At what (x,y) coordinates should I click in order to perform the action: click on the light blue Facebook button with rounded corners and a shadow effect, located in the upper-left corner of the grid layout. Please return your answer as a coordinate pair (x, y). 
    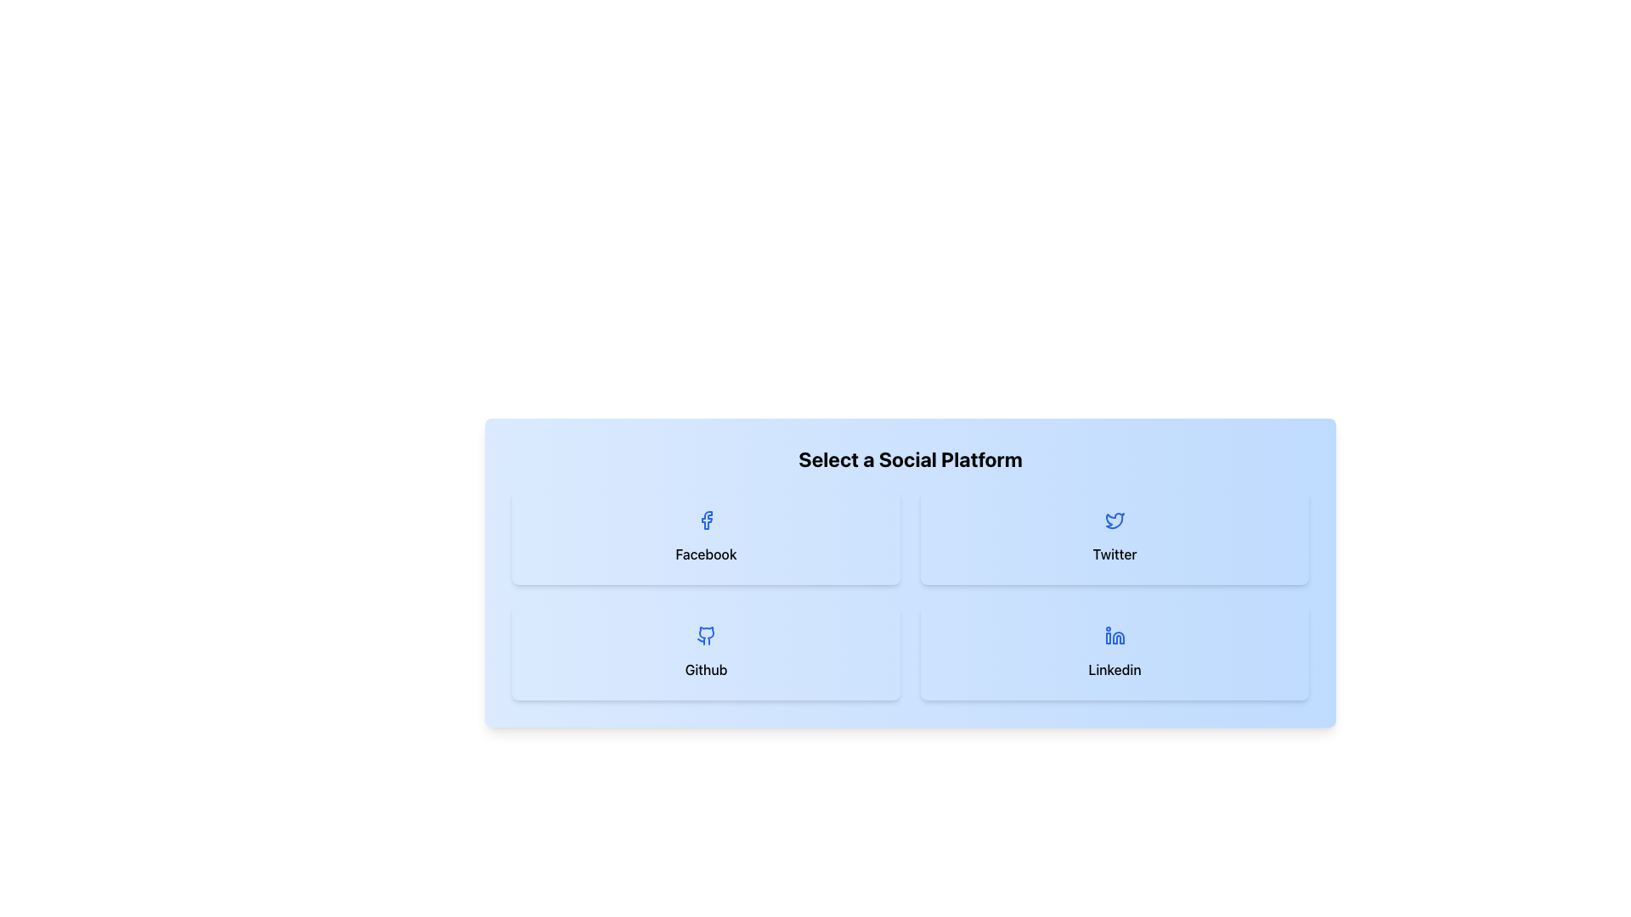
    Looking at the image, I should click on (706, 537).